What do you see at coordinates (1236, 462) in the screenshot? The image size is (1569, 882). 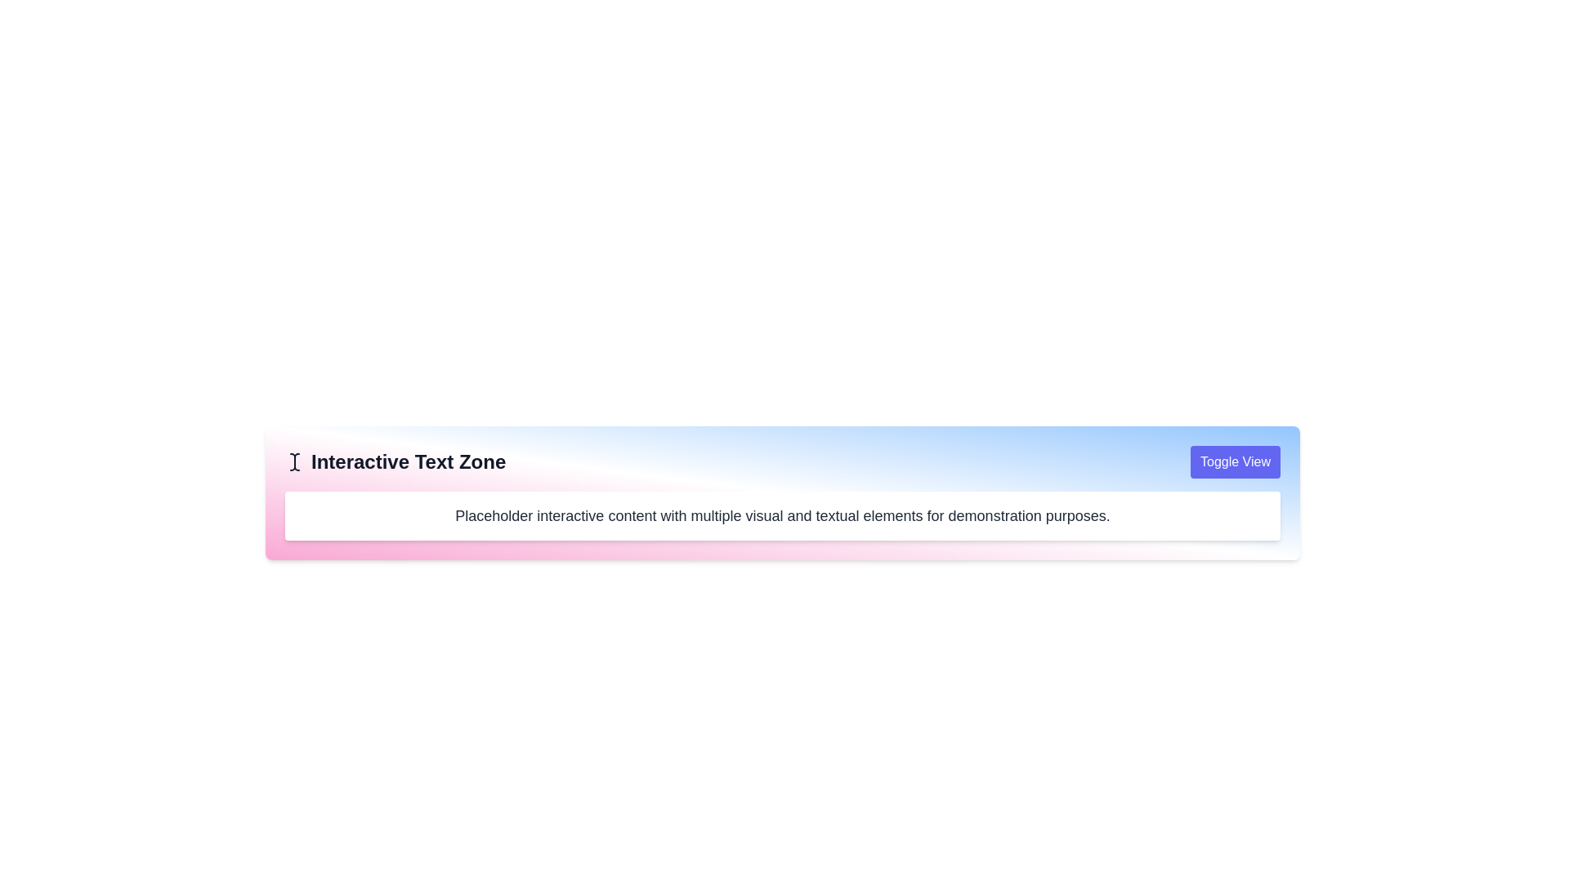 I see `the toggle view button located at the top-right section of the interface to observe the hover effect` at bounding box center [1236, 462].